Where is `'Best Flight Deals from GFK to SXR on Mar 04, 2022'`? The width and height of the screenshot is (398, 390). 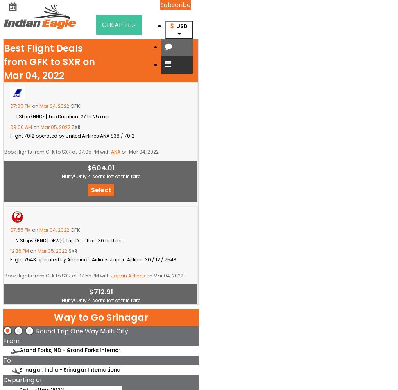 'Best Flight Deals from GFK to SXR on Mar 04, 2022' is located at coordinates (3, 61).